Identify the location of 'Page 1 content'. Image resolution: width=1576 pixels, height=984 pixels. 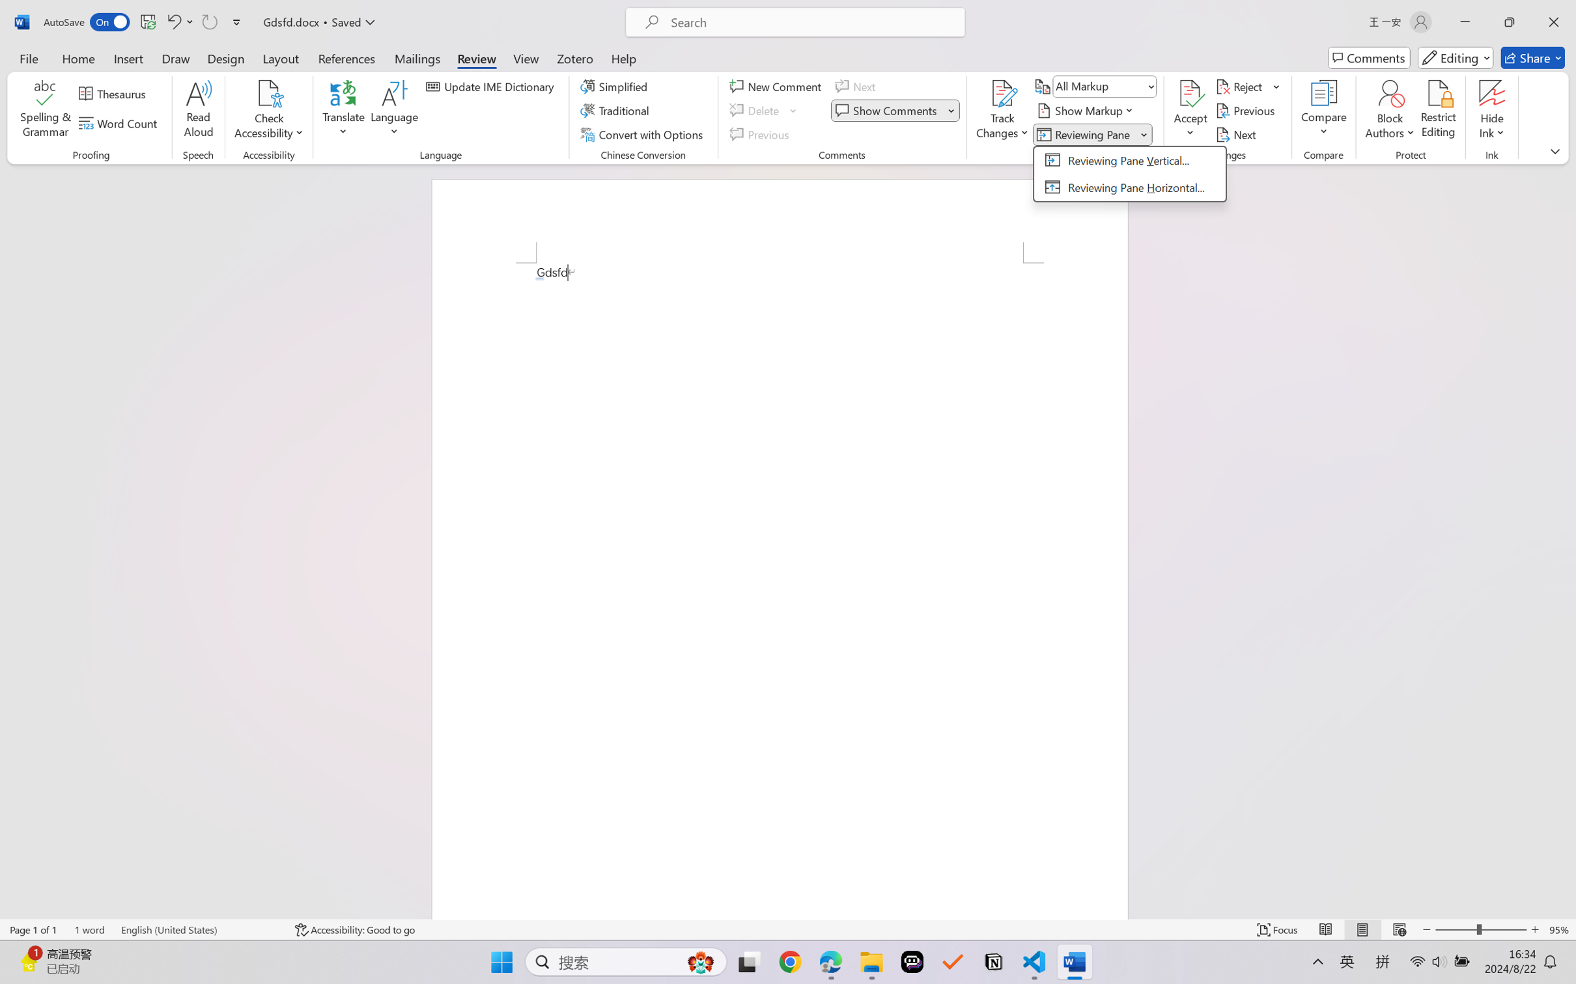
(780, 590).